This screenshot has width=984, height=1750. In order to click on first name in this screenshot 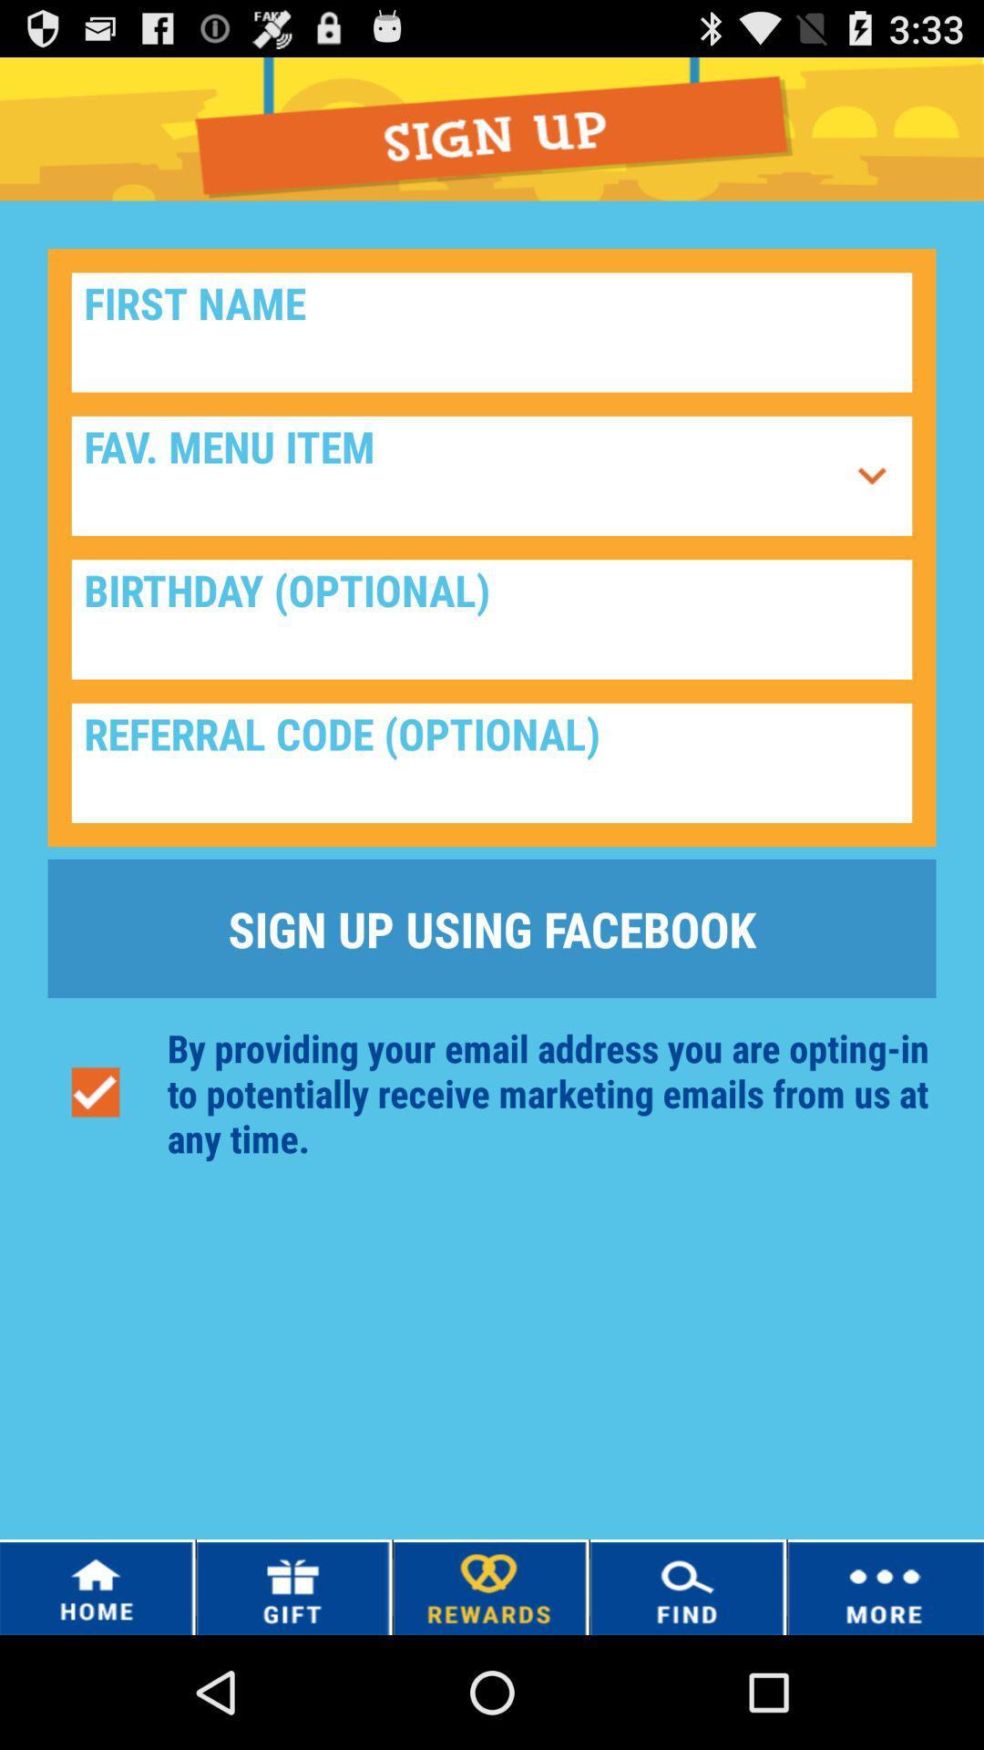, I will do `click(492, 332)`.